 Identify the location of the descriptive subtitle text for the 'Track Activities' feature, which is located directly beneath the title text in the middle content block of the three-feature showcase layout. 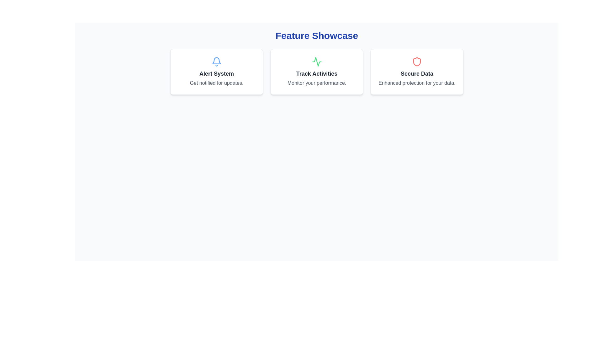
(317, 83).